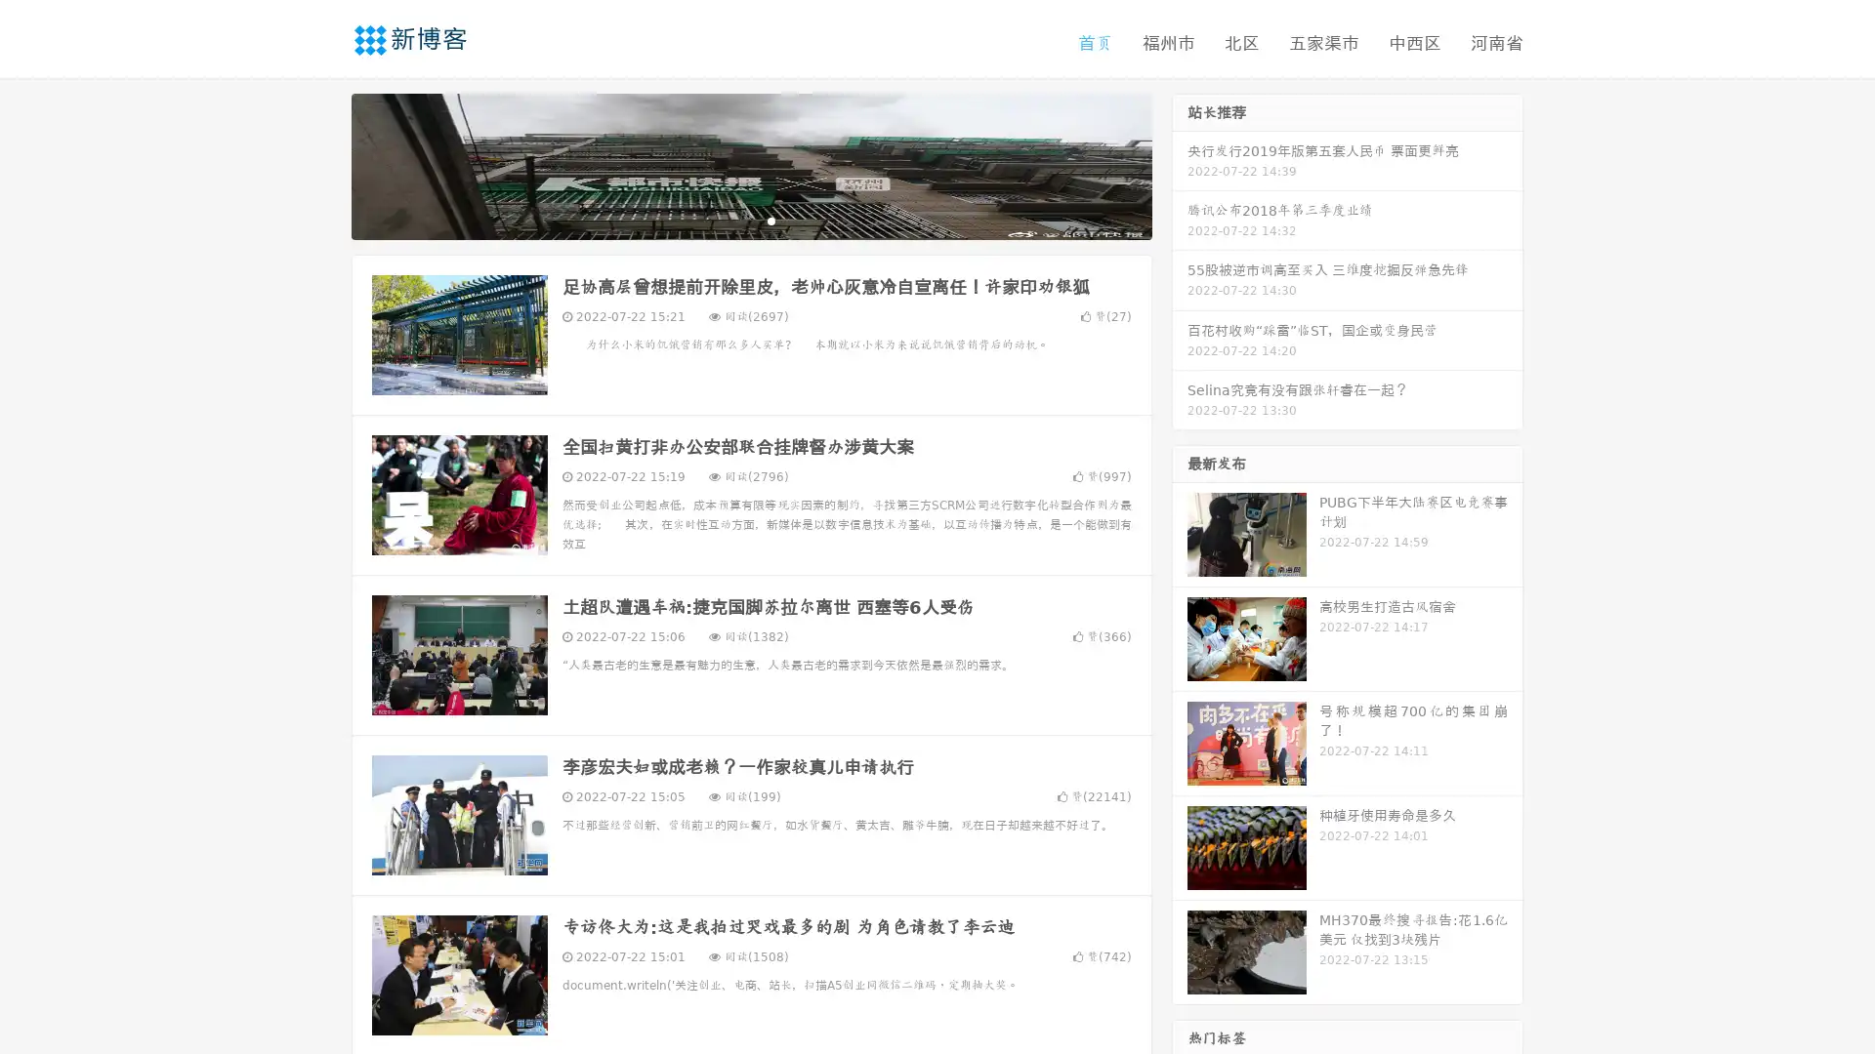  Describe the element at coordinates (730, 220) in the screenshot. I see `Go to slide 1` at that location.